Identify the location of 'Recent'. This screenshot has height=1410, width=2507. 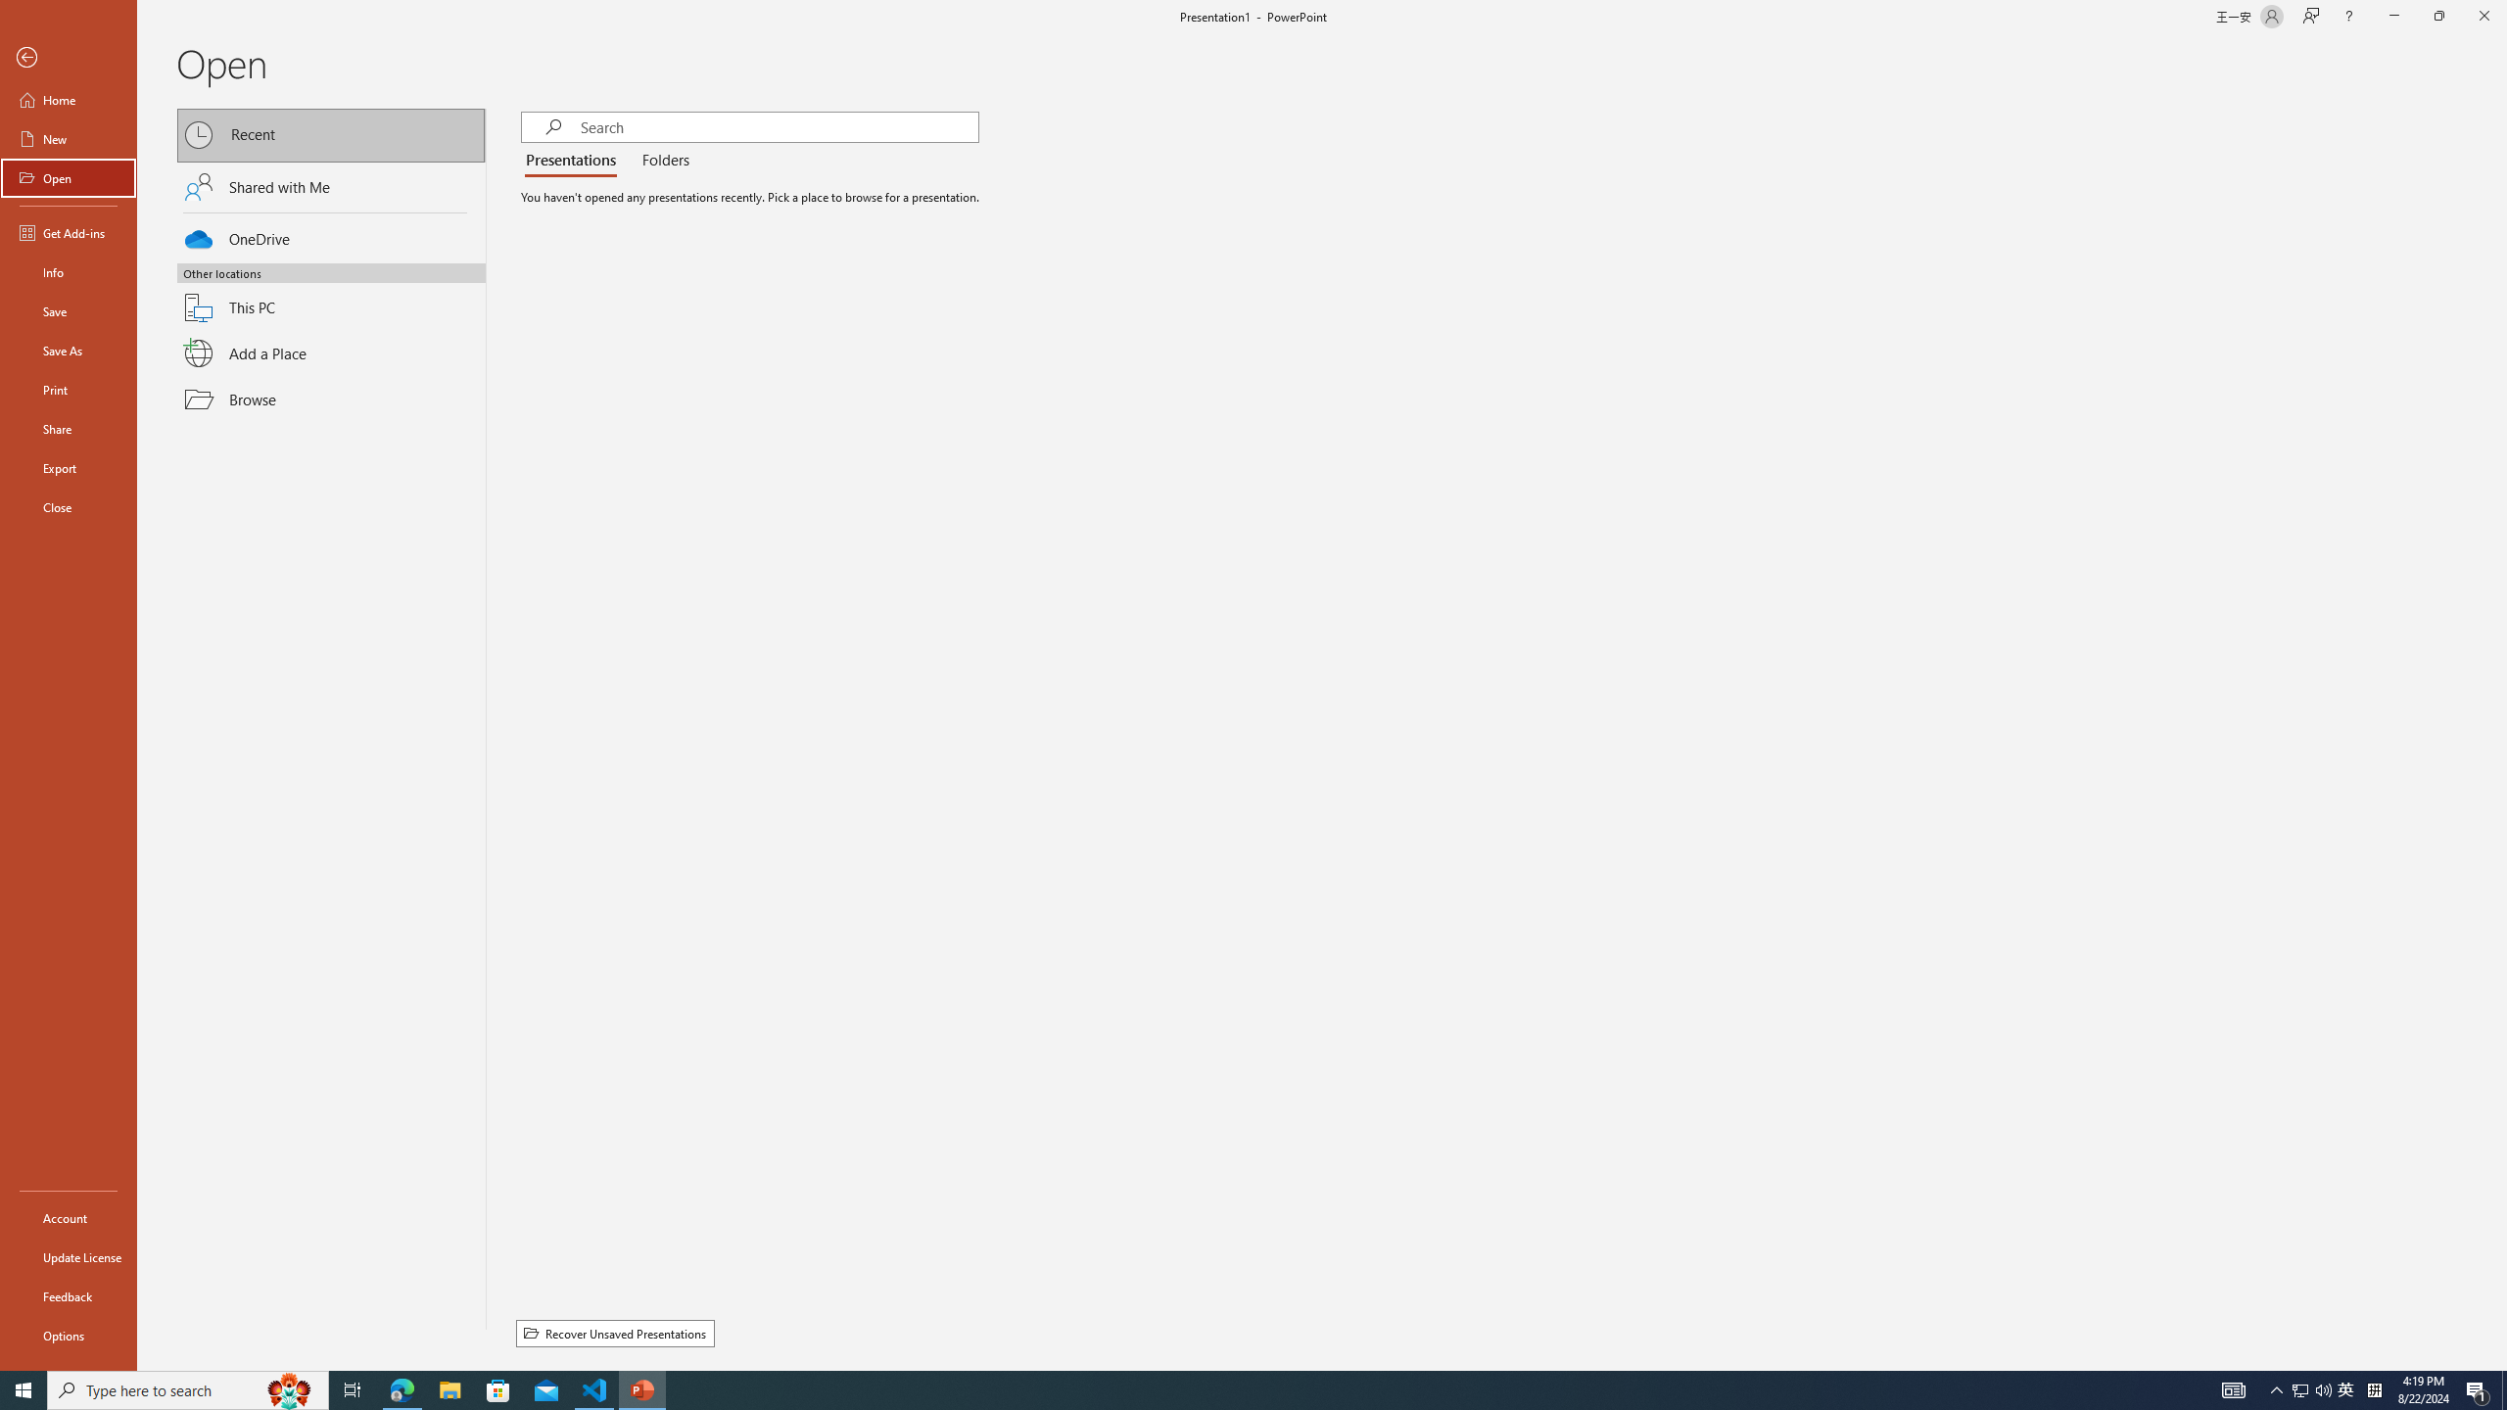
(331, 134).